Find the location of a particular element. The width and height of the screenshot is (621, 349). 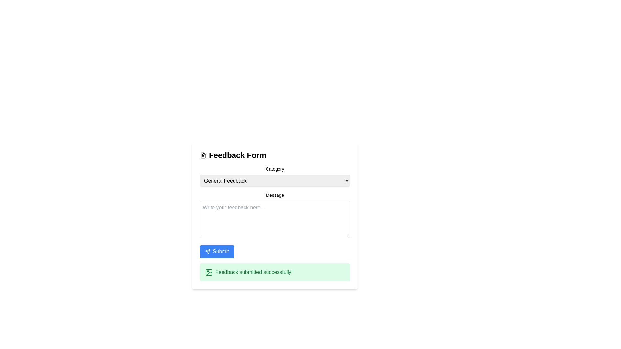

the decorative icon representing documentation located to the left of the 'Feedback Form' text in the header of the feedback form panel is located at coordinates (203, 155).